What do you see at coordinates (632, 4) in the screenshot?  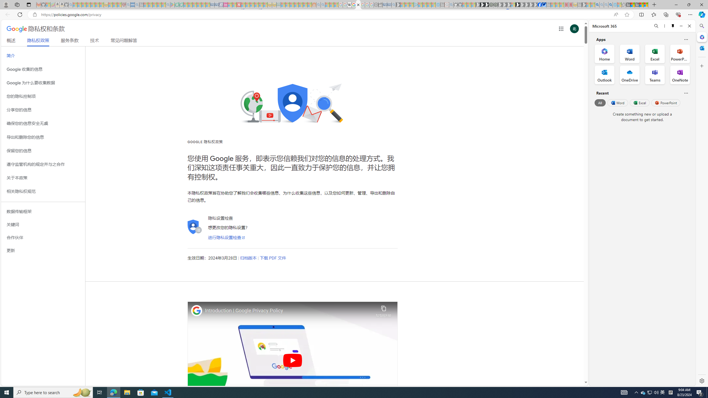 I see `'Aberdeen, Hong Kong SAR weather forecast | Microsoft Weather'` at bounding box center [632, 4].